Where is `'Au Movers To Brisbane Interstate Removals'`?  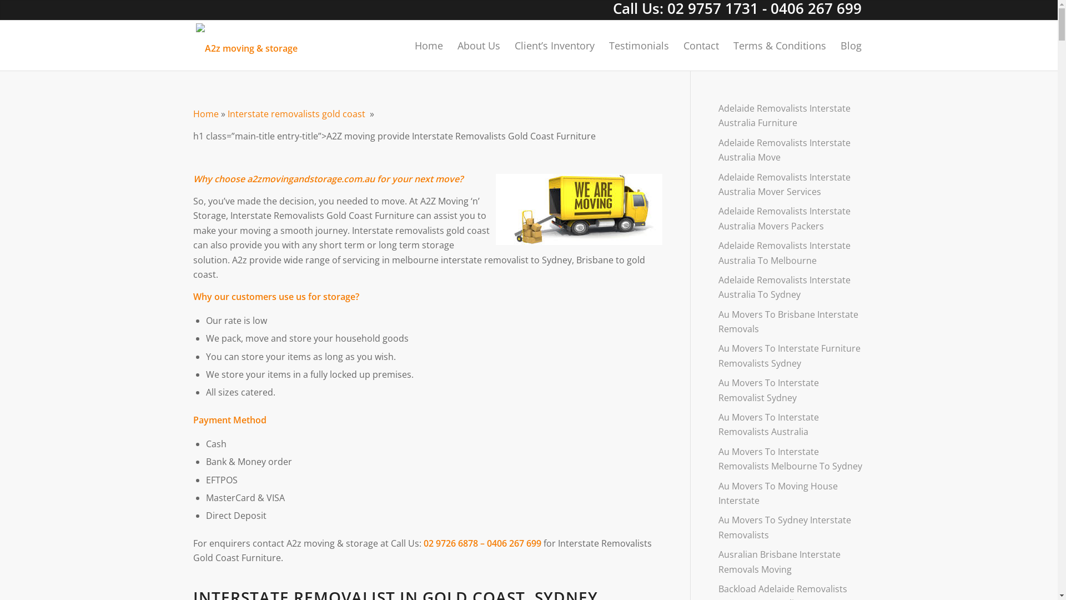 'Au Movers To Brisbane Interstate Removals' is located at coordinates (791, 322).